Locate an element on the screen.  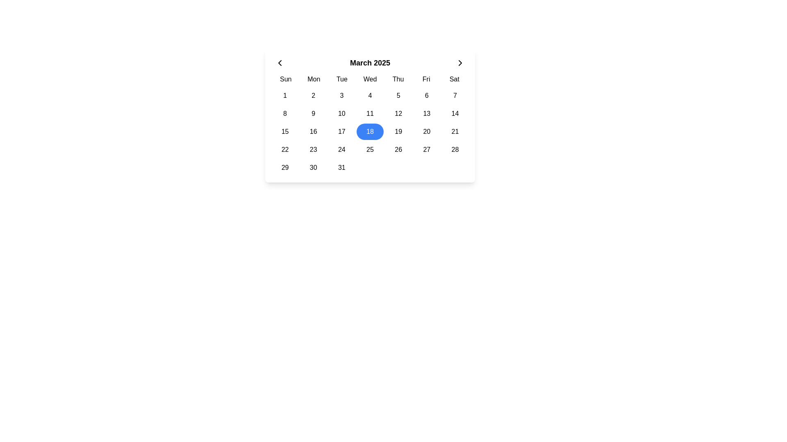
the small circular button displaying the number '30' is located at coordinates (313, 167).